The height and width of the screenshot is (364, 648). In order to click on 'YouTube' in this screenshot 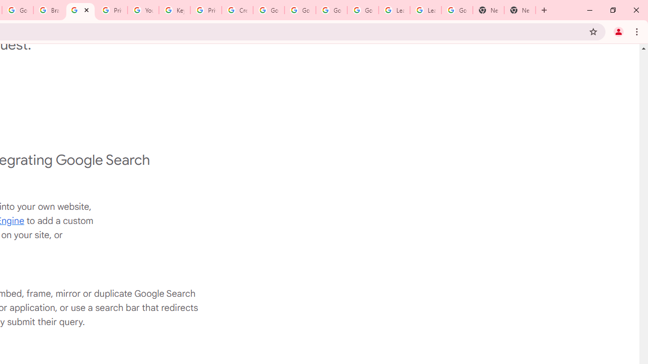, I will do `click(142, 10)`.